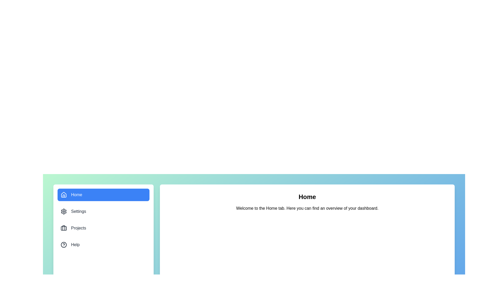 This screenshot has height=281, width=500. I want to click on the menu item corresponding to Home to view its content, so click(103, 195).